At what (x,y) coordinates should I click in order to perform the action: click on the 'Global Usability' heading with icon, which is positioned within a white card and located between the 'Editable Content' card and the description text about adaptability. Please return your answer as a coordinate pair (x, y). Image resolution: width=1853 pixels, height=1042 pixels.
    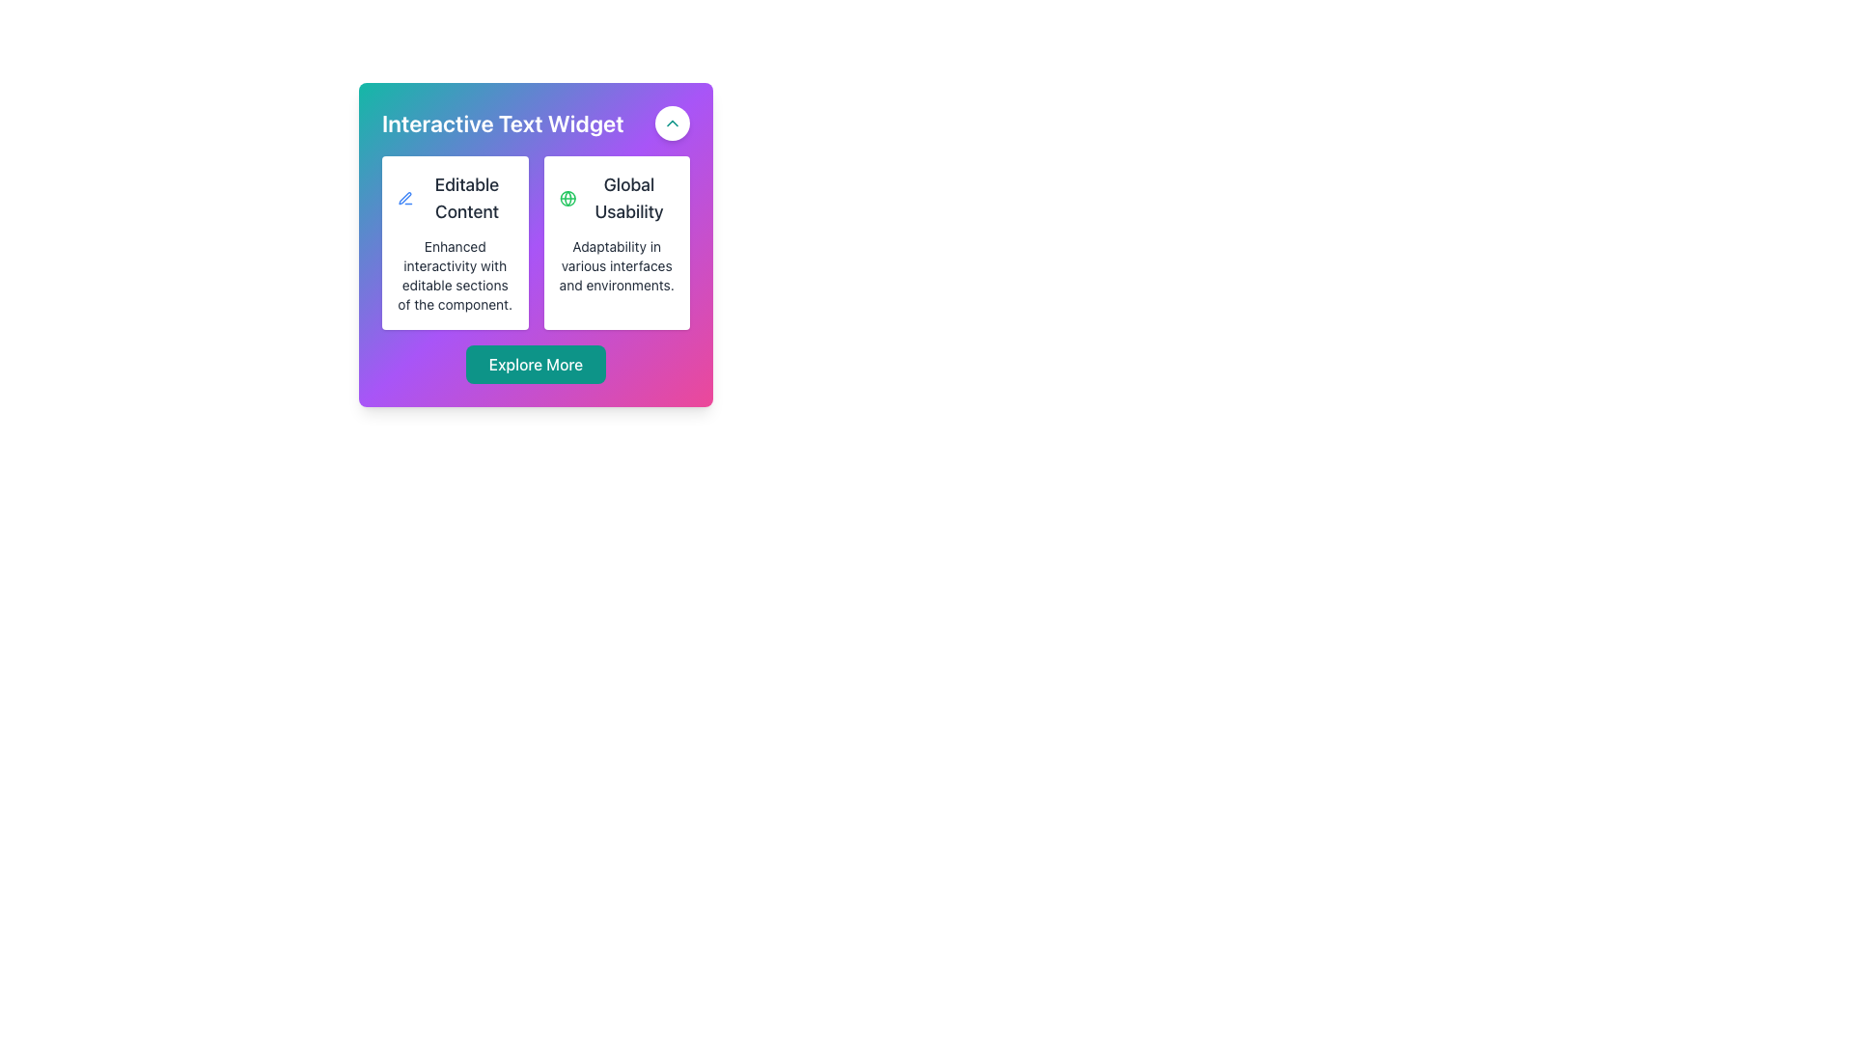
    Looking at the image, I should click on (616, 198).